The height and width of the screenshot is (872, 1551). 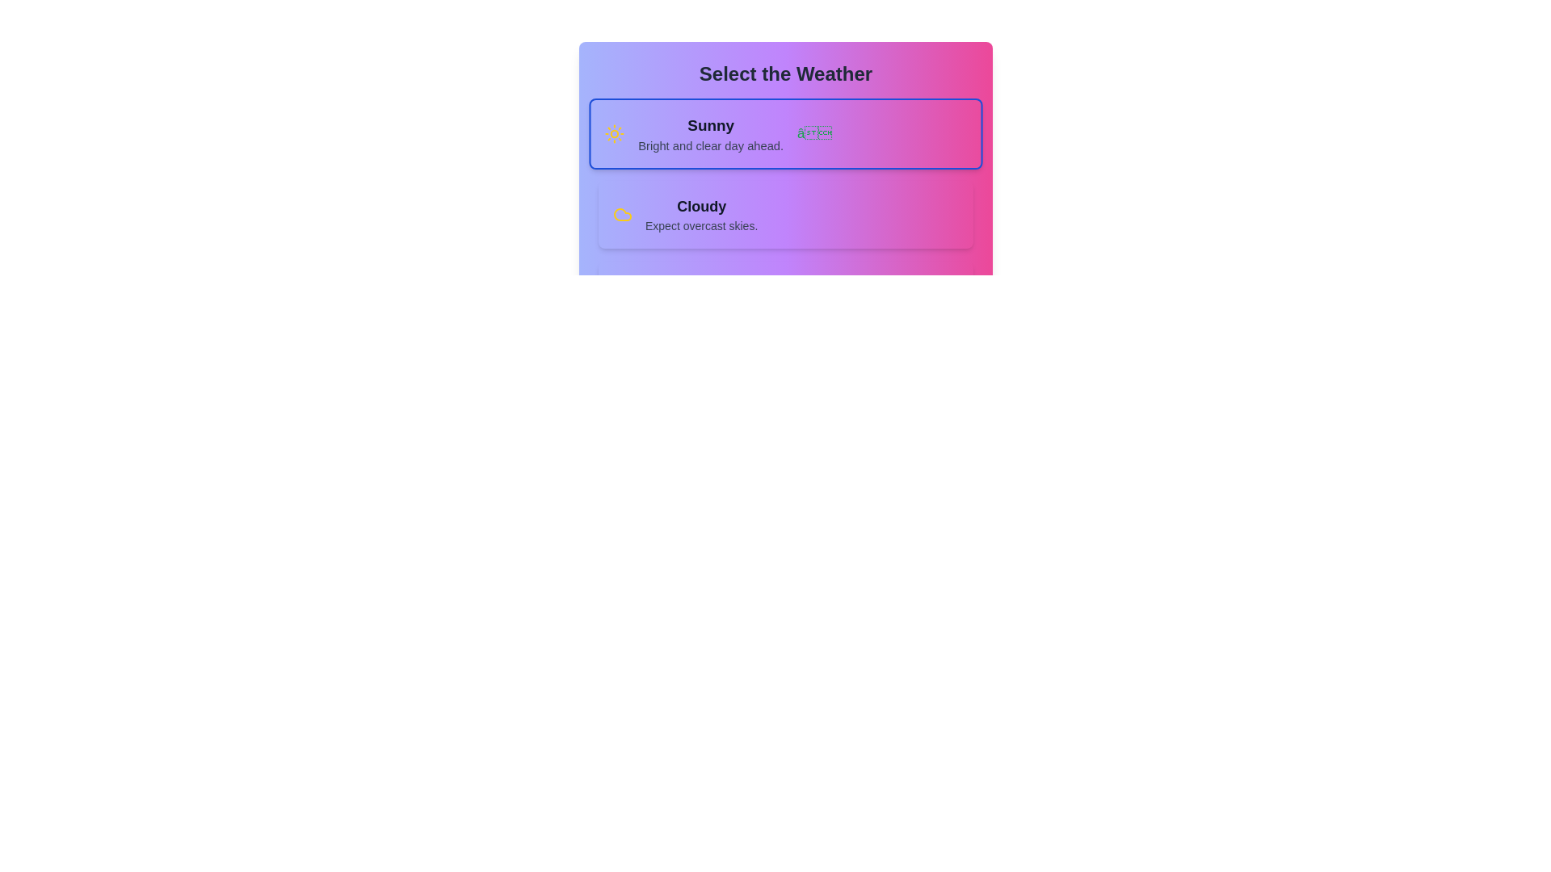 What do you see at coordinates (622, 214) in the screenshot?
I see `the cloudy weather icon located in the bottom section of the 'Select the Weather' card, specifically in the left section of the second option labeled 'Cloudy'` at bounding box center [622, 214].